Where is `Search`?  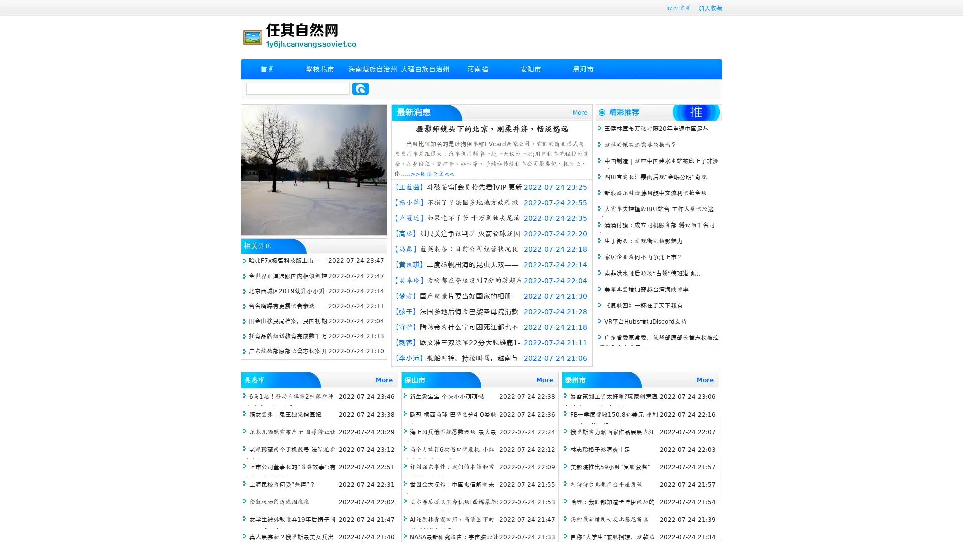
Search is located at coordinates (360, 88).